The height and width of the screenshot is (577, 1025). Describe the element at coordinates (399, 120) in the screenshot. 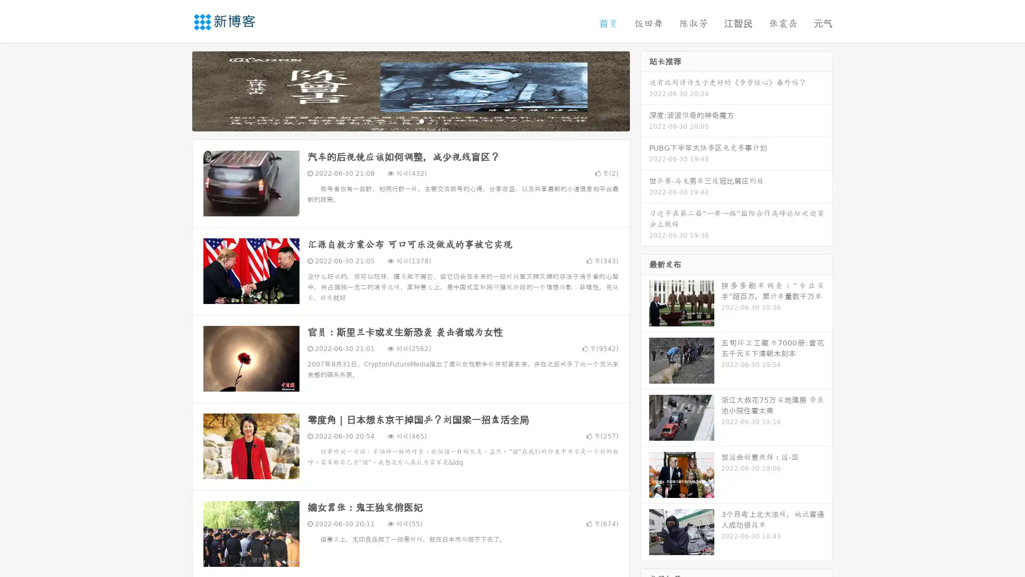

I see `Go to slide 1` at that location.